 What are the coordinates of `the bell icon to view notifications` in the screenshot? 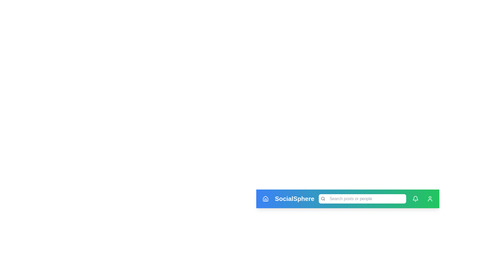 It's located at (416, 199).